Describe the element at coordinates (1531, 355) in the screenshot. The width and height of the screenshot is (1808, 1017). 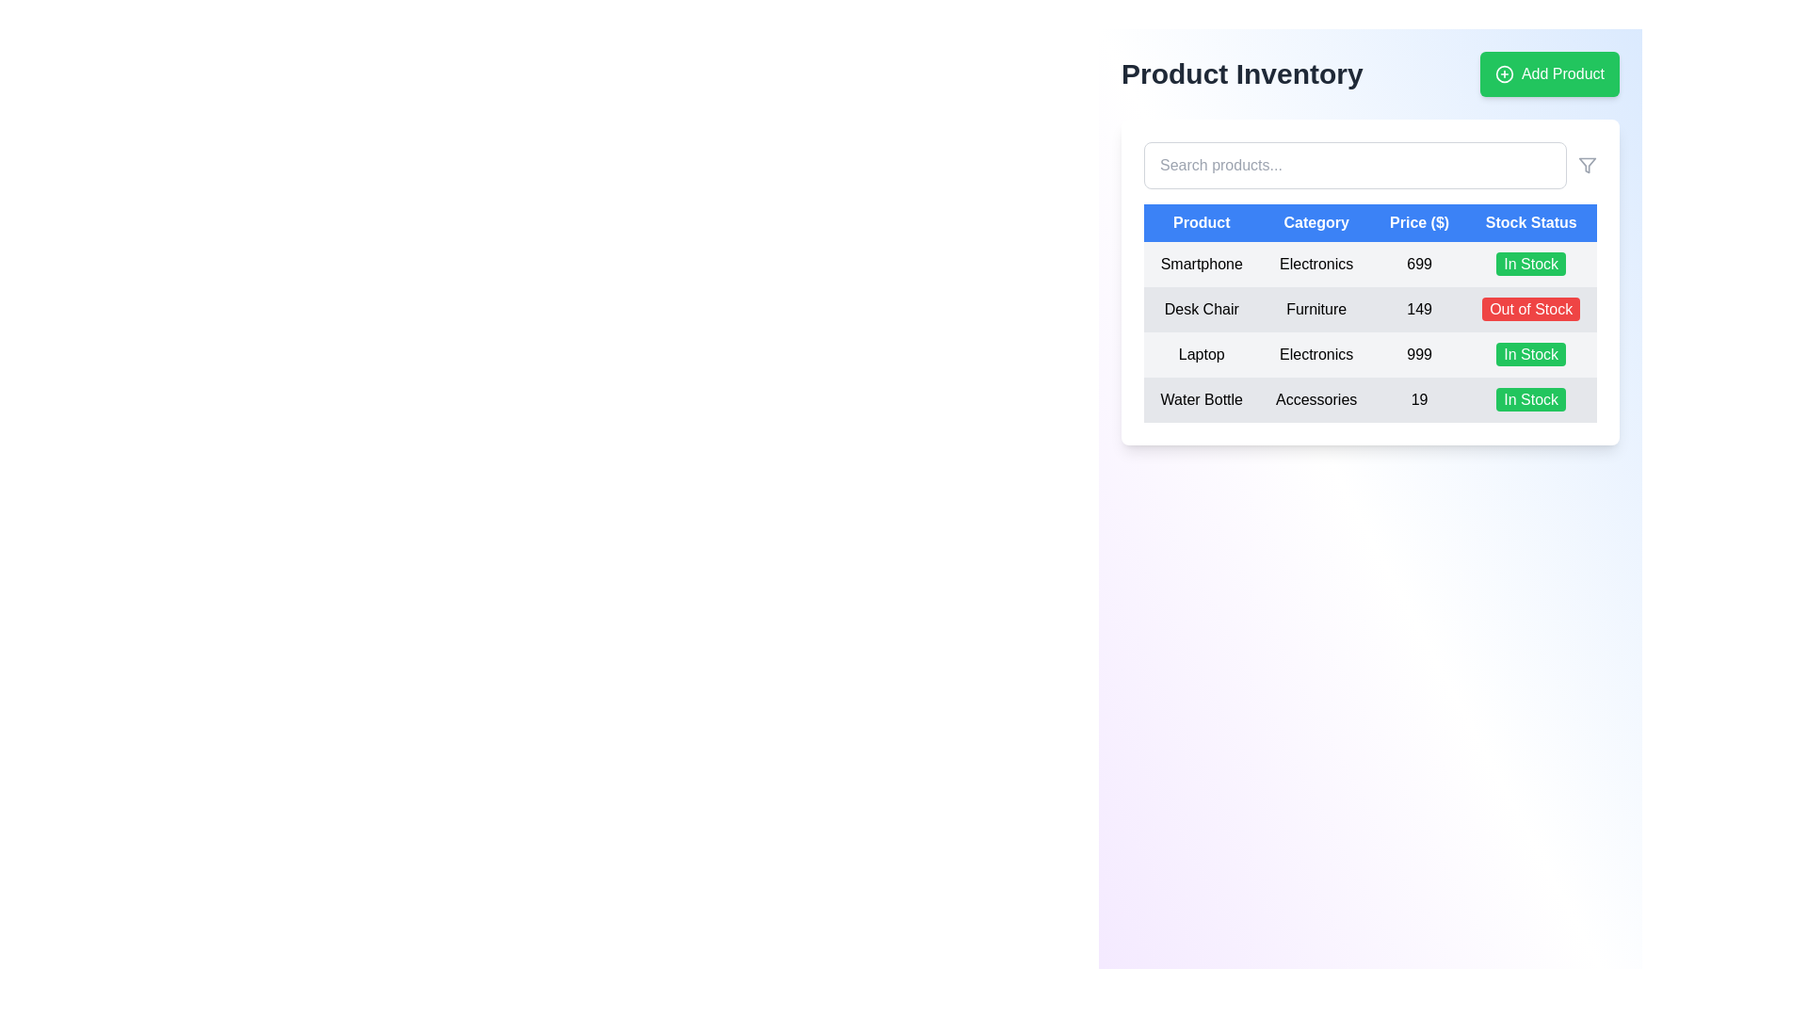
I see `'In Stock' badge, which is a rectangular badge with rounded corners, bright green background, and white text located in the fourth column of the third row in the table structure for the Laptop product entry` at that location.